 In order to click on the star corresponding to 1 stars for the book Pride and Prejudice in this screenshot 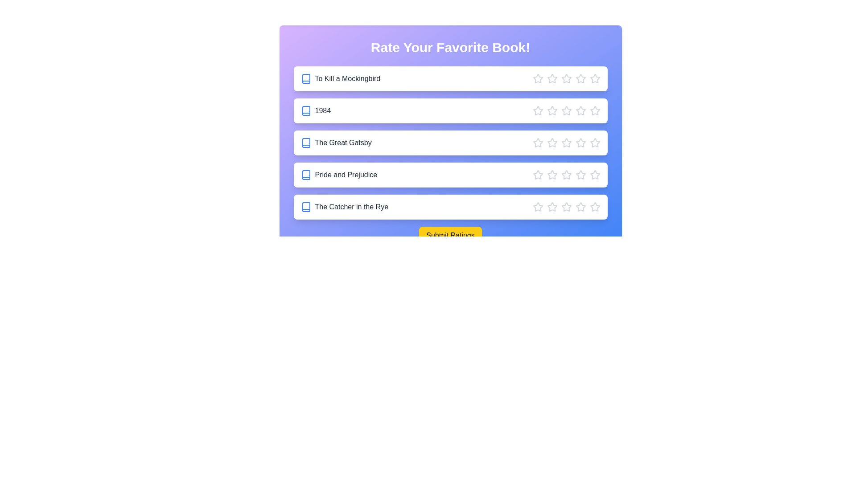, I will do `click(537, 175)`.